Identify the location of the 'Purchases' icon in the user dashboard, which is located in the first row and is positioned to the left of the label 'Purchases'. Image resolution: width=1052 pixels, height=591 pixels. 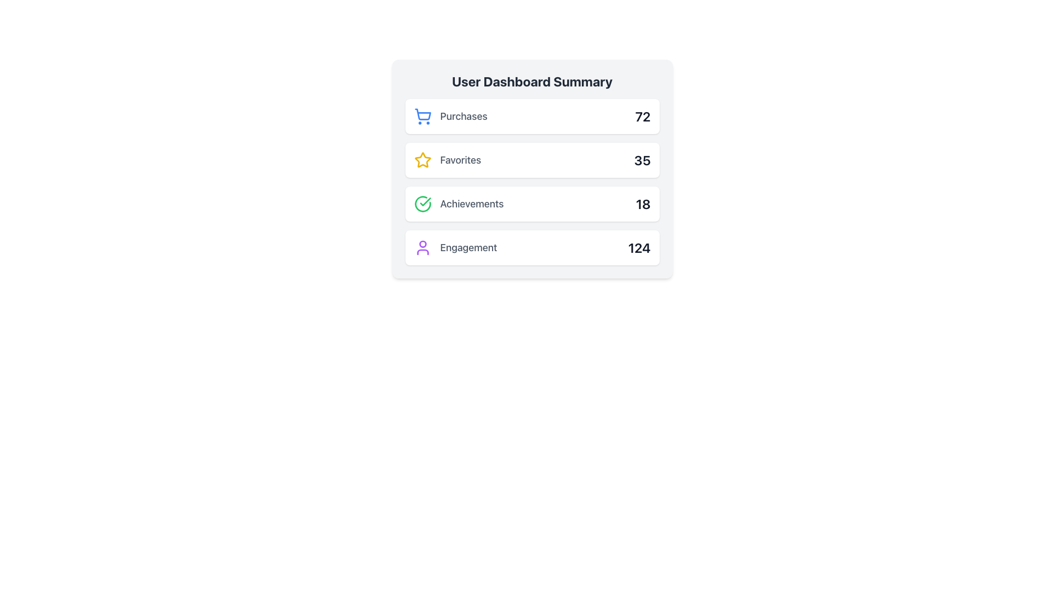
(422, 116).